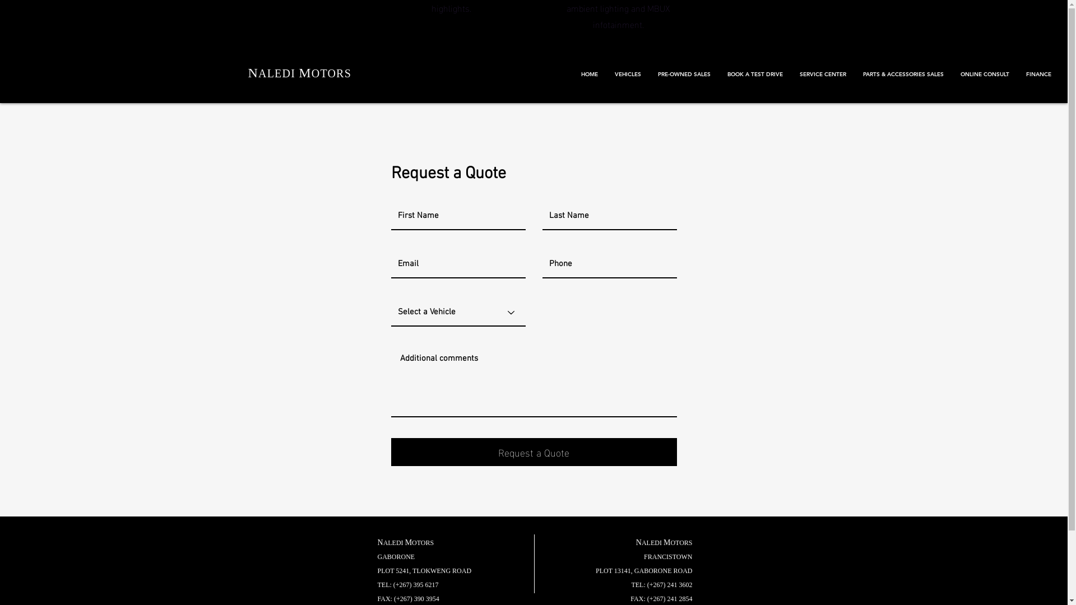 The height and width of the screenshot is (605, 1076). What do you see at coordinates (683, 74) in the screenshot?
I see `'PRE-OWNED SALES'` at bounding box center [683, 74].